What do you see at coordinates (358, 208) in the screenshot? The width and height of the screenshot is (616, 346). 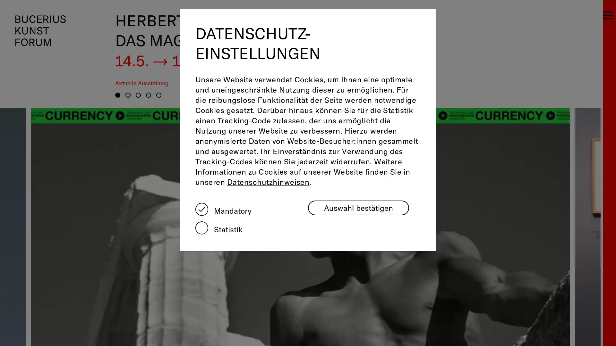 I see `Auswahl bestatigen` at bounding box center [358, 208].